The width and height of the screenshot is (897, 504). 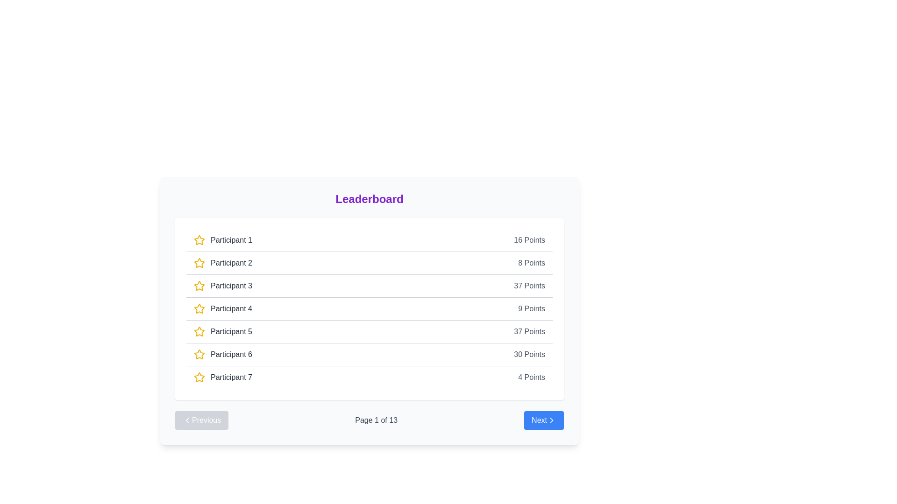 I want to click on name and points of the participant listed as 'Participant 6' with '30 Points' in the leaderboard, so click(x=369, y=354).